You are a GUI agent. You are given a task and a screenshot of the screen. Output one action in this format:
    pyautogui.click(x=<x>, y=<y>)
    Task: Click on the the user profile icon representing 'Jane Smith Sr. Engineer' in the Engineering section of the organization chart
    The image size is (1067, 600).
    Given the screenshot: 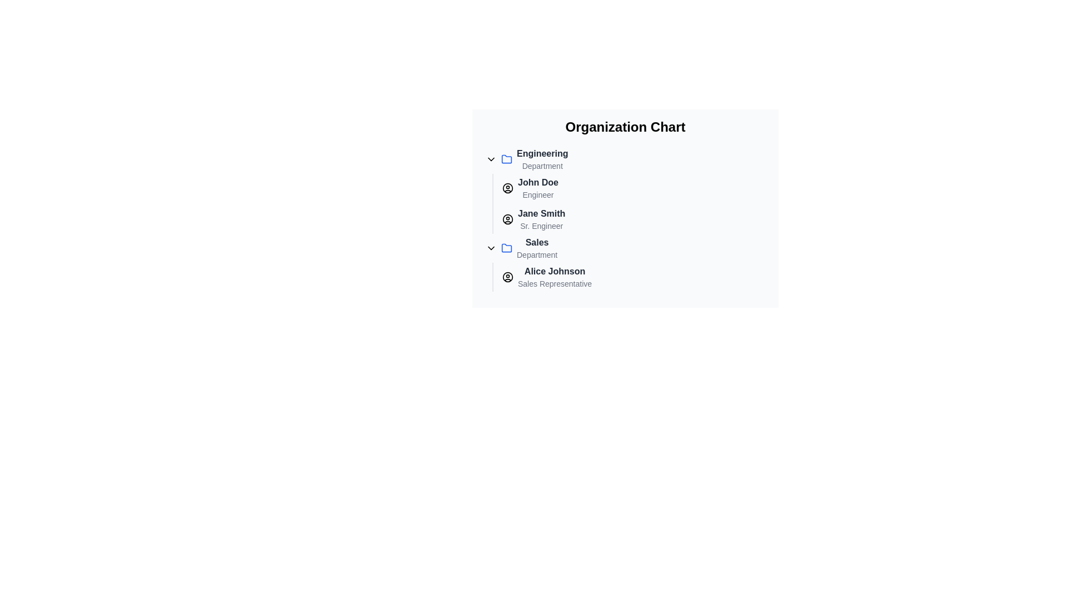 What is the action you would take?
    pyautogui.click(x=507, y=219)
    